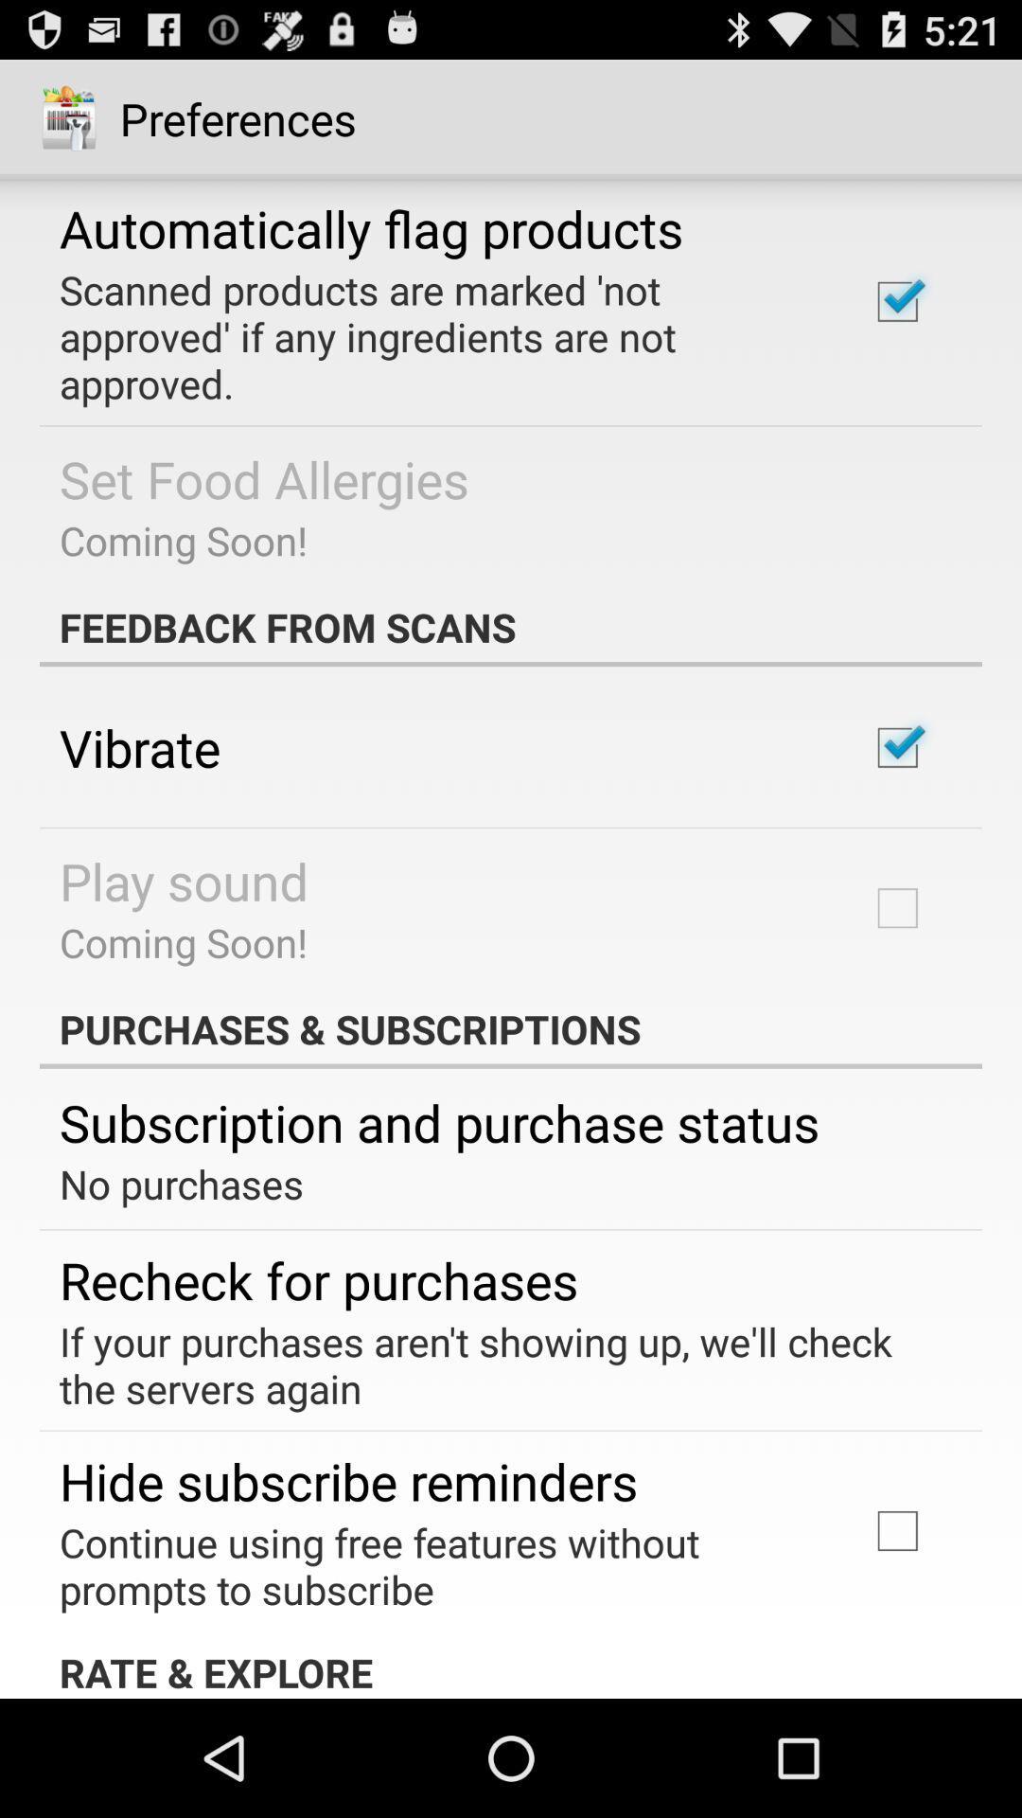 The width and height of the screenshot is (1022, 1818). I want to click on the app above the subscription and purchase icon, so click(511, 1027).